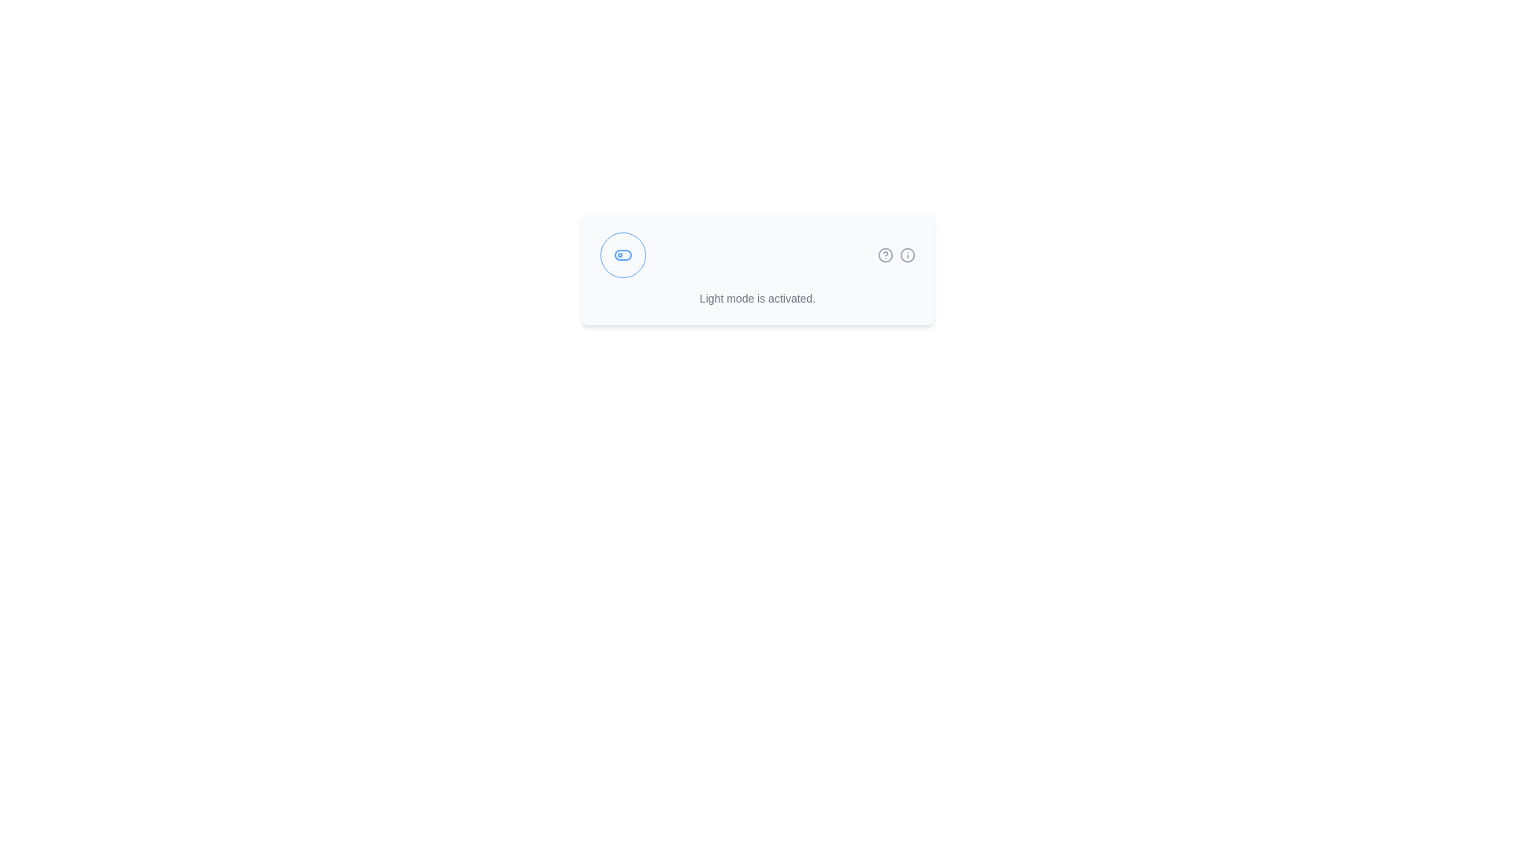 The image size is (1513, 851). What do you see at coordinates (885, 255) in the screenshot?
I see `the Help icon (a gray circular icon with a question mark) located to the left of the 'i' icon, adjacent to the text 'Light mode is activated.'` at bounding box center [885, 255].